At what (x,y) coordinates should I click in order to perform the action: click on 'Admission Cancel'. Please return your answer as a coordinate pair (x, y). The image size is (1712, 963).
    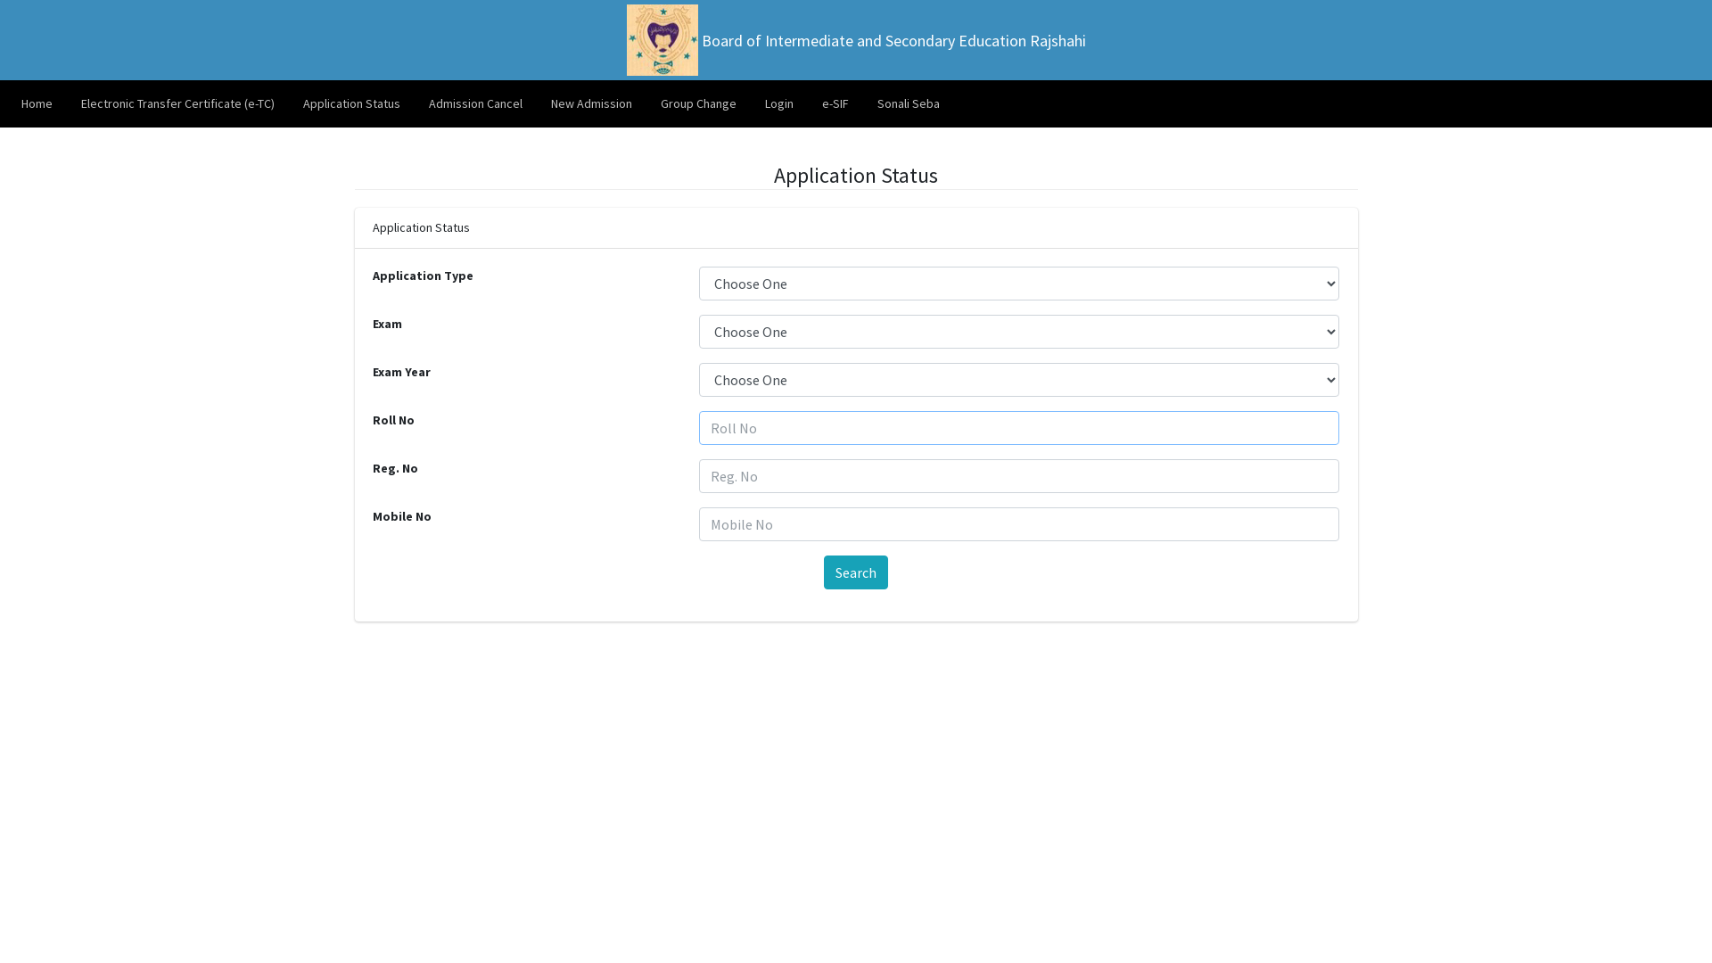
    Looking at the image, I should click on (475, 103).